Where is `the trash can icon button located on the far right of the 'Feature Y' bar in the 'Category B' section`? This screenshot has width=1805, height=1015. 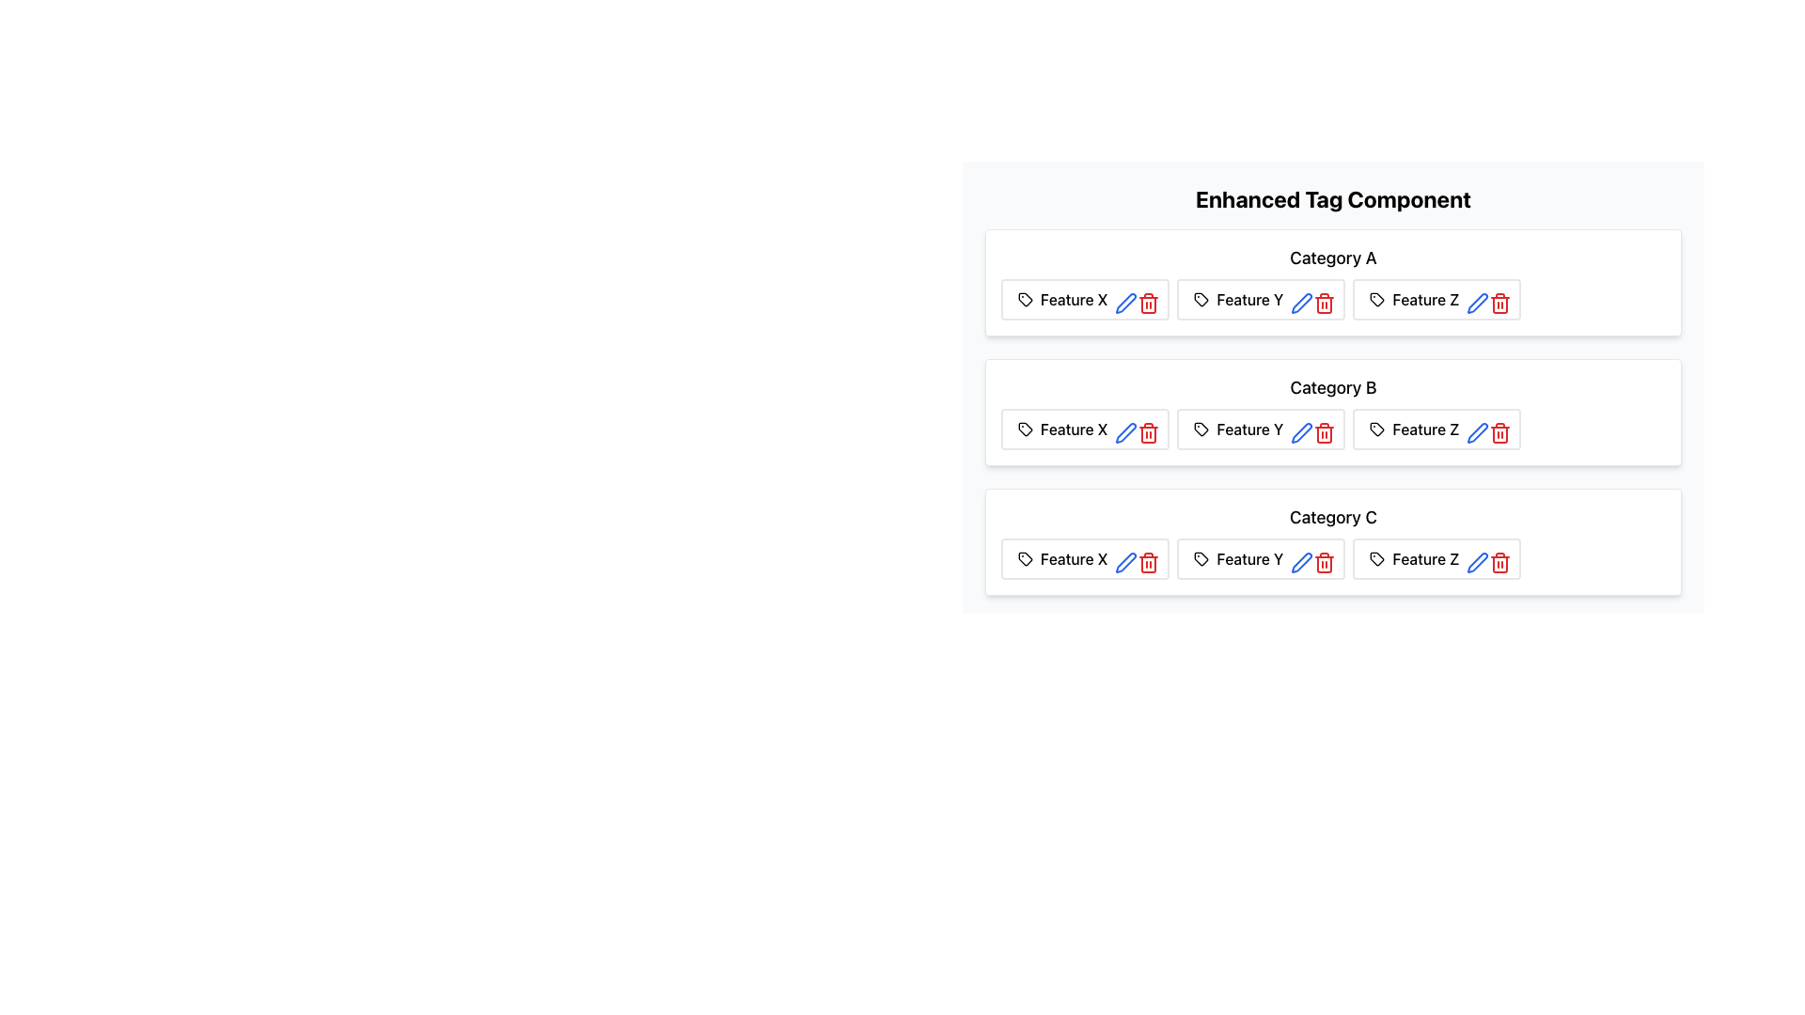 the trash can icon button located on the far right of the 'Feature Y' bar in the 'Category B' section is located at coordinates (1324, 433).